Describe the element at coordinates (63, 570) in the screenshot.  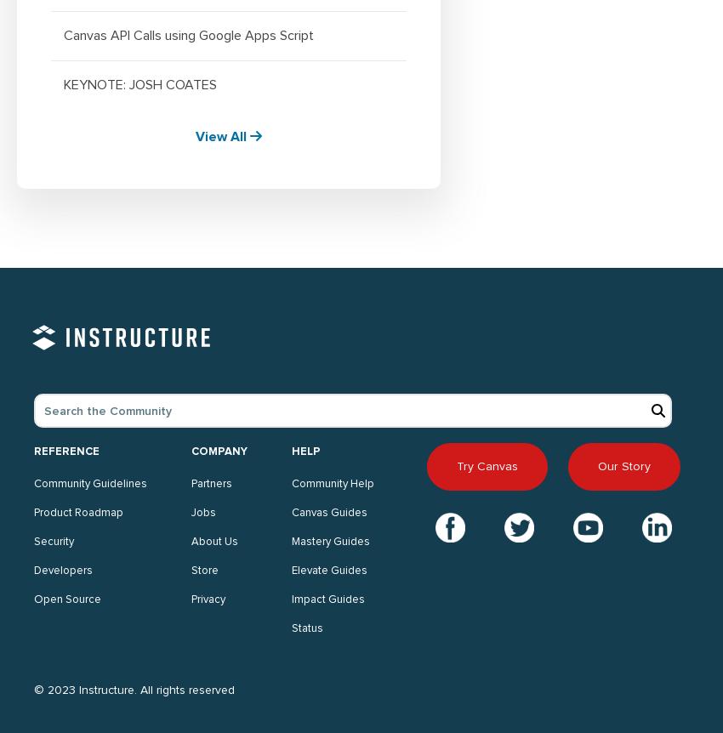
I see `'Developers'` at that location.